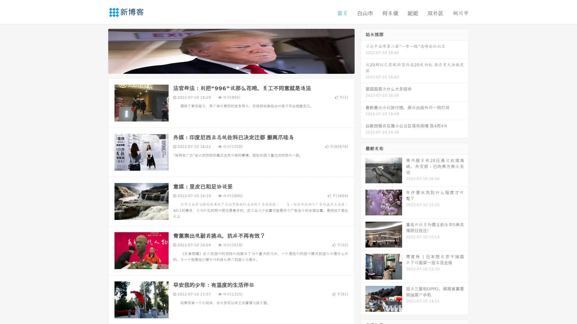  Describe the element at coordinates (99, 50) in the screenshot. I see `Previous slide` at that location.